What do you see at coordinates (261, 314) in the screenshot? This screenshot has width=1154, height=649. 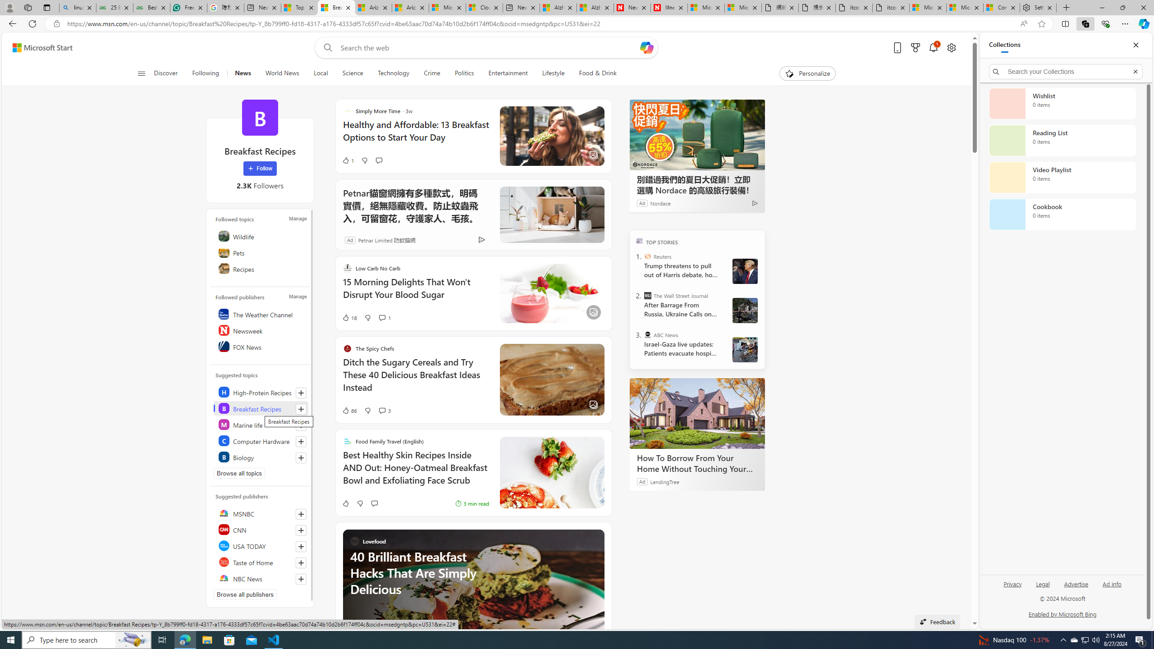 I see `'The Weather Channel'` at bounding box center [261, 314].